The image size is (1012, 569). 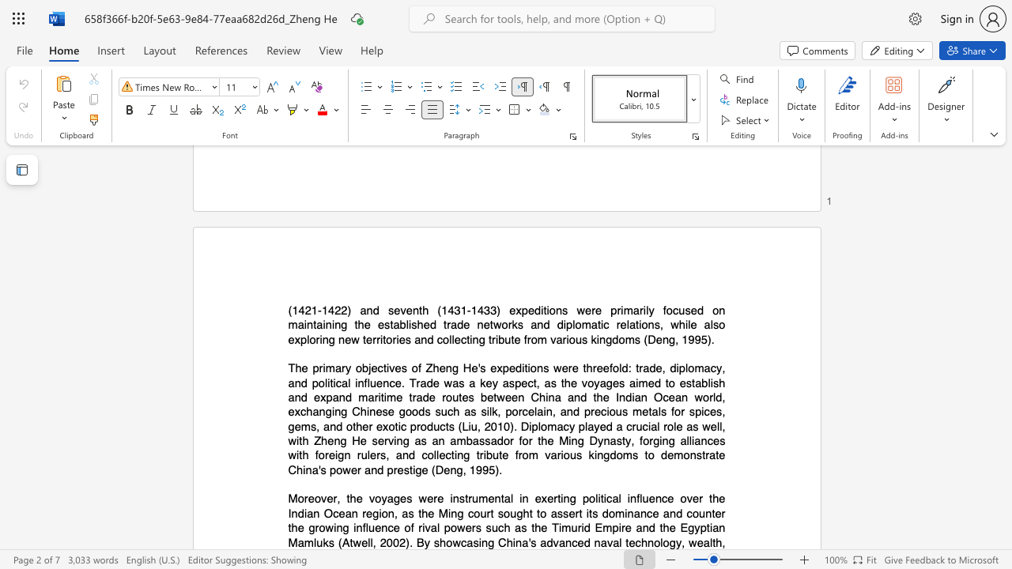 What do you see at coordinates (372, 541) in the screenshot?
I see `the space between the continuous character "l" and "," in the text` at bounding box center [372, 541].